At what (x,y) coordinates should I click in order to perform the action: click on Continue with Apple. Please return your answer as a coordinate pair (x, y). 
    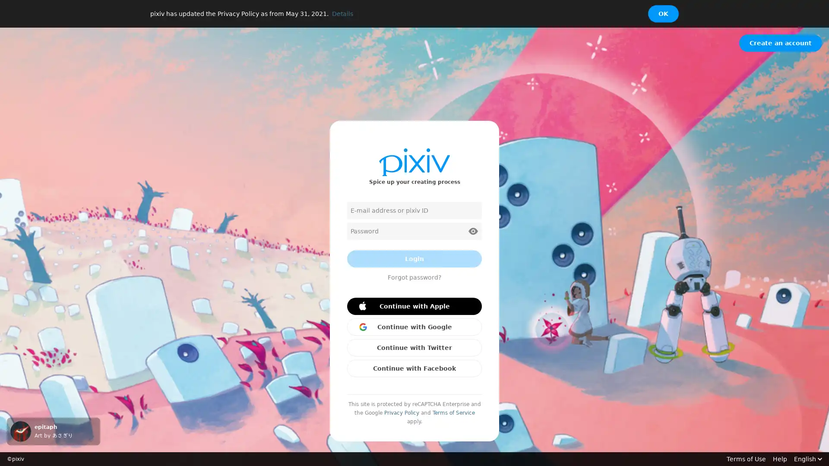
    Looking at the image, I should click on (414, 305).